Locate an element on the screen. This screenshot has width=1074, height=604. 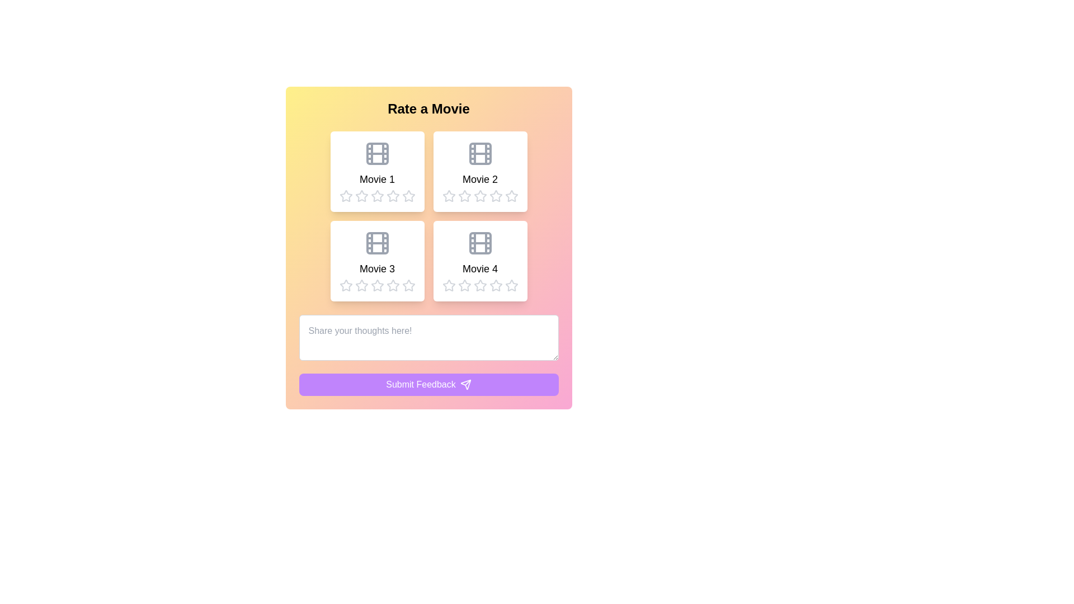
the star icon is located at coordinates (361, 285).